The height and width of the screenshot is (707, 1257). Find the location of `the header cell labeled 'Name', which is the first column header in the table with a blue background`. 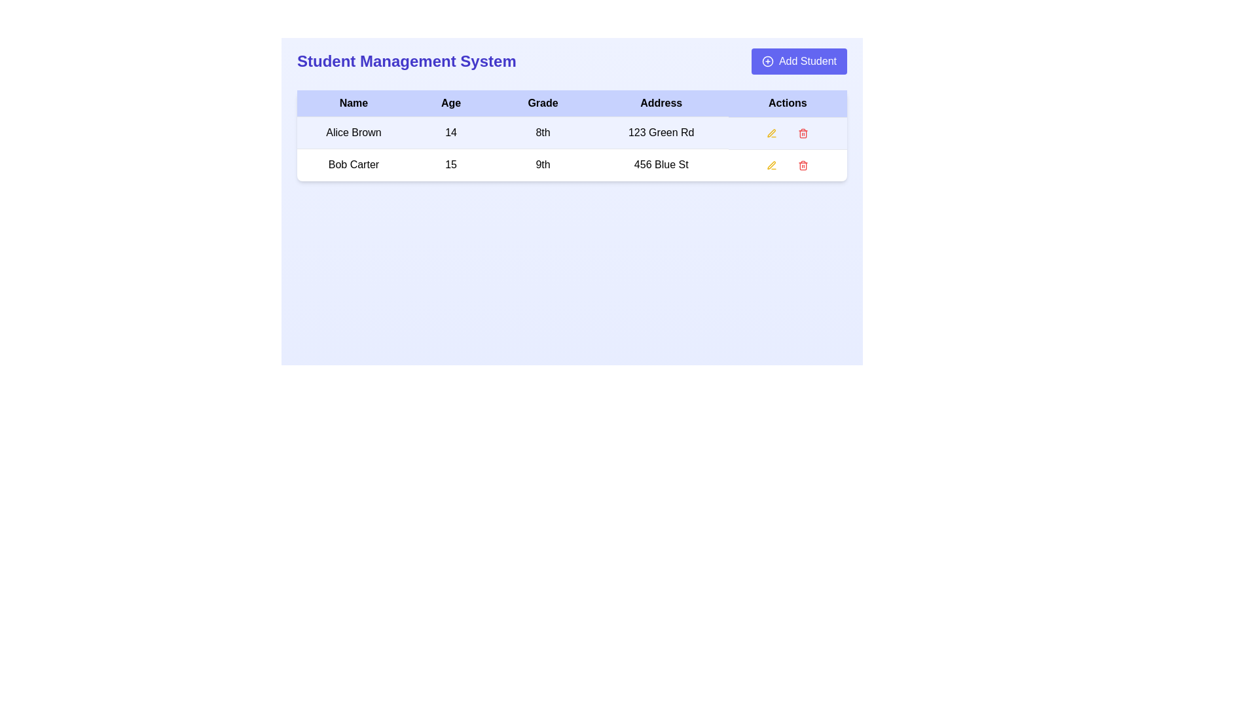

the header cell labeled 'Name', which is the first column header in the table with a blue background is located at coordinates (354, 103).